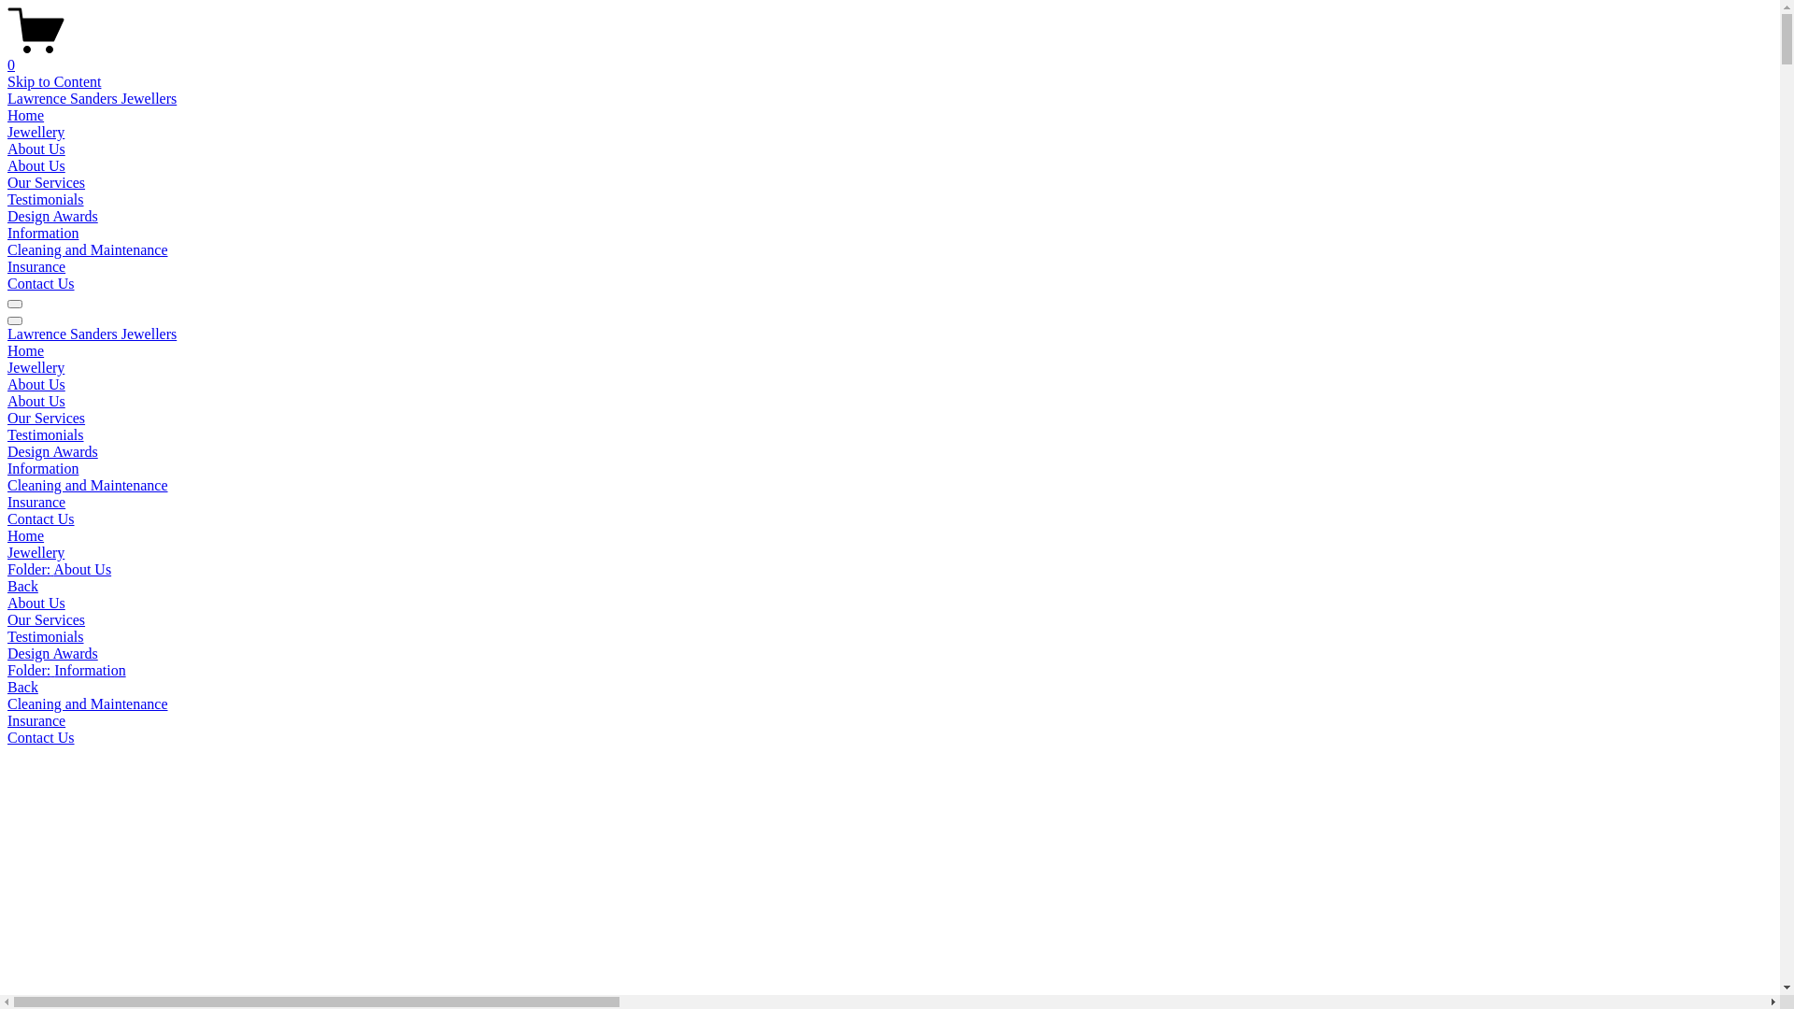  What do you see at coordinates (7, 652) in the screenshot?
I see `'Design Awards'` at bounding box center [7, 652].